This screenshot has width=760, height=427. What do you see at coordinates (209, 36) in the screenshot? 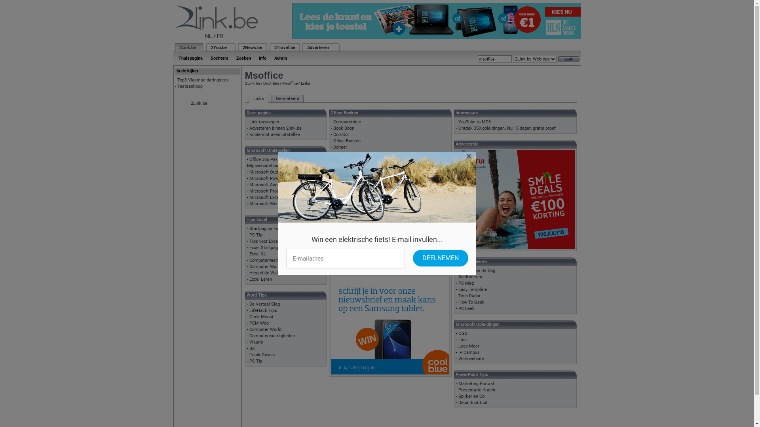
I see `'NL'` at bounding box center [209, 36].